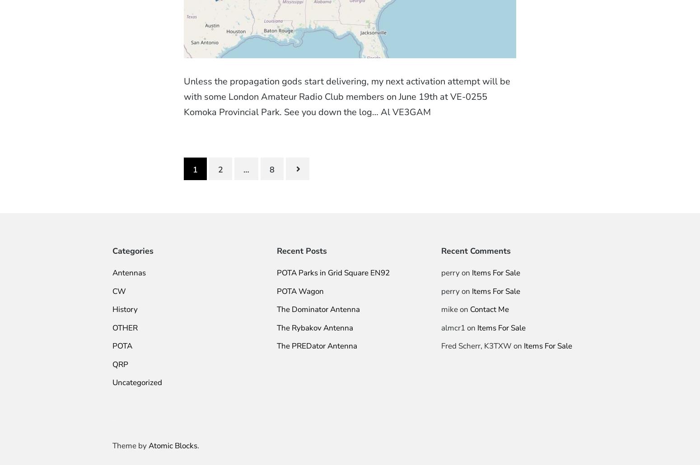 Image resolution: width=700 pixels, height=465 pixels. Describe the element at coordinates (314, 327) in the screenshot. I see `'The Rybakov Antenna'` at that location.